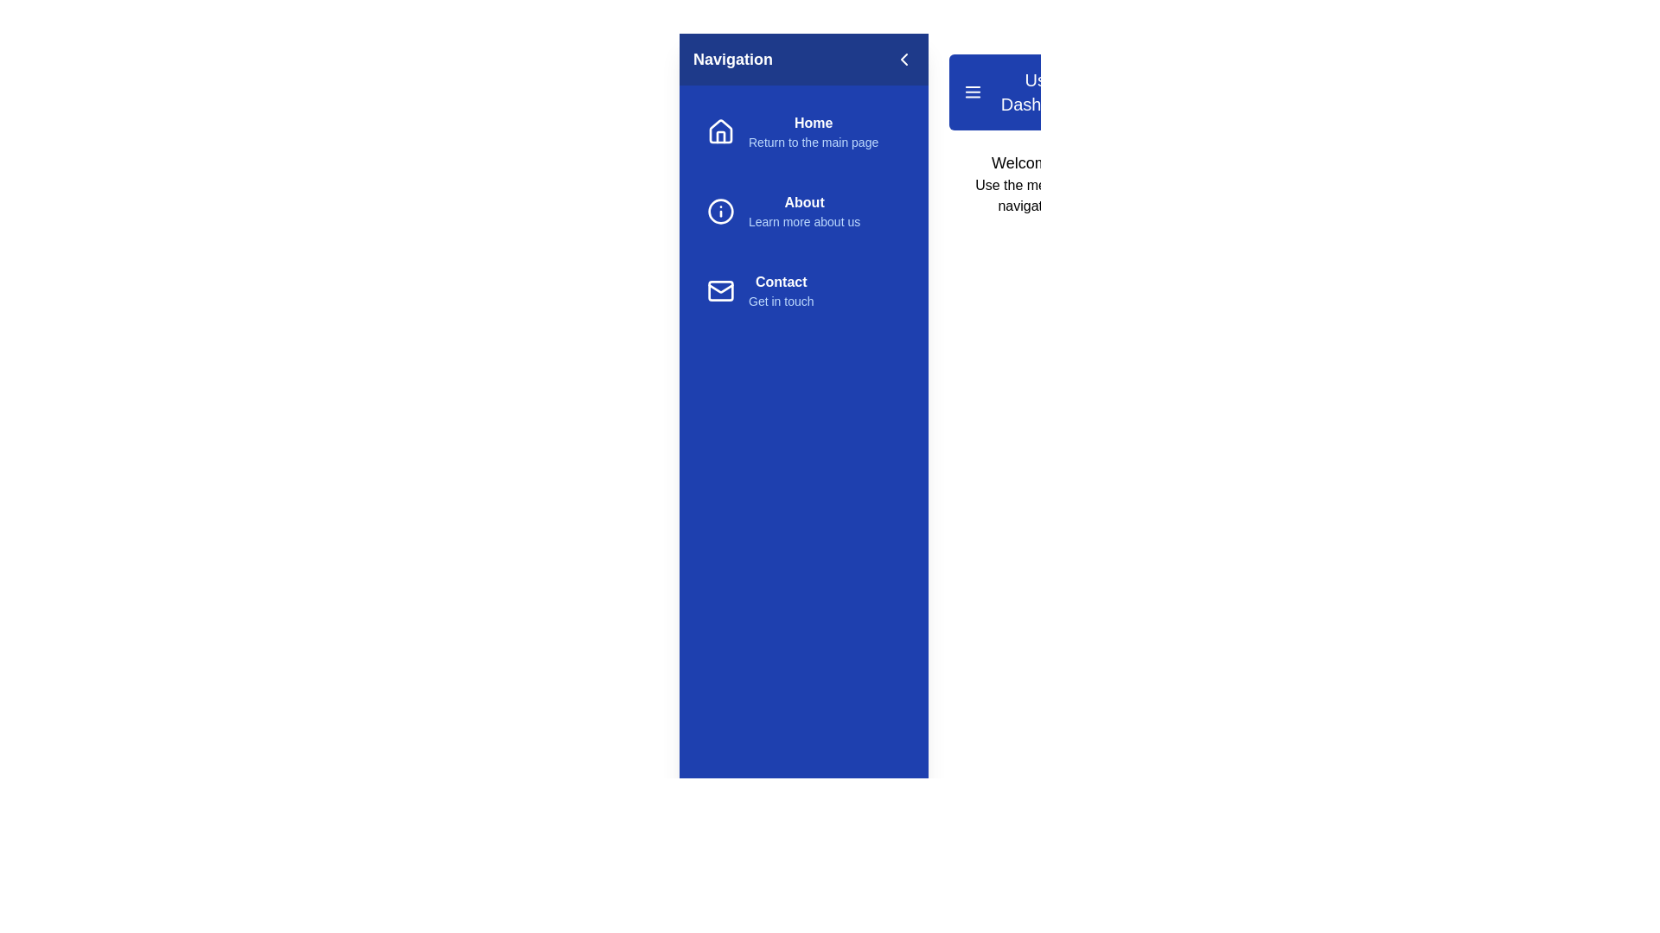 This screenshot has width=1660, height=933. I want to click on the navigation menu item Contact, so click(803, 289).